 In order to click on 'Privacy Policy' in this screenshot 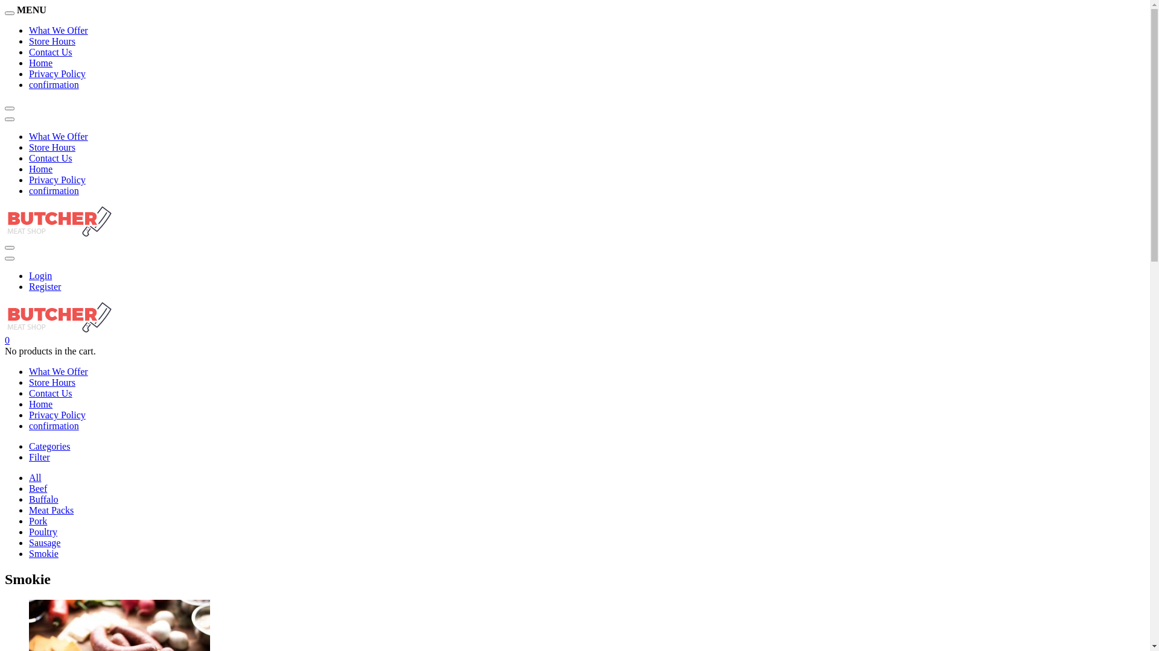, I will do `click(29, 414)`.